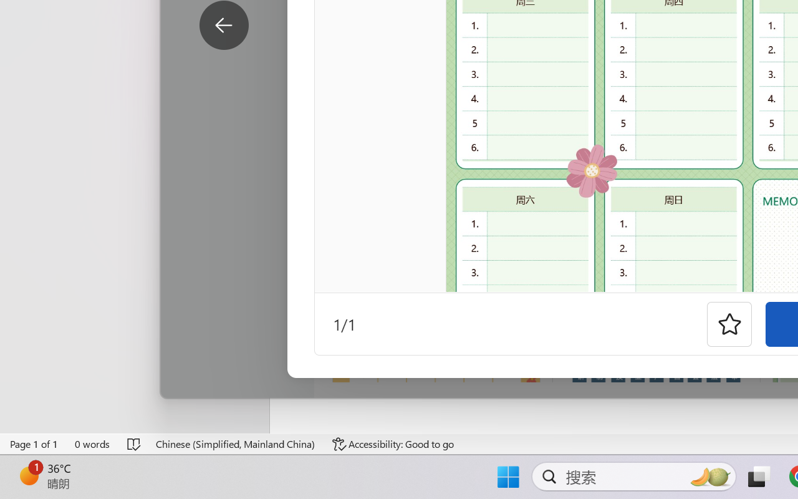 The width and height of the screenshot is (798, 499). I want to click on 'Language Chinese (Simplified, Mainland China)', so click(236, 443).